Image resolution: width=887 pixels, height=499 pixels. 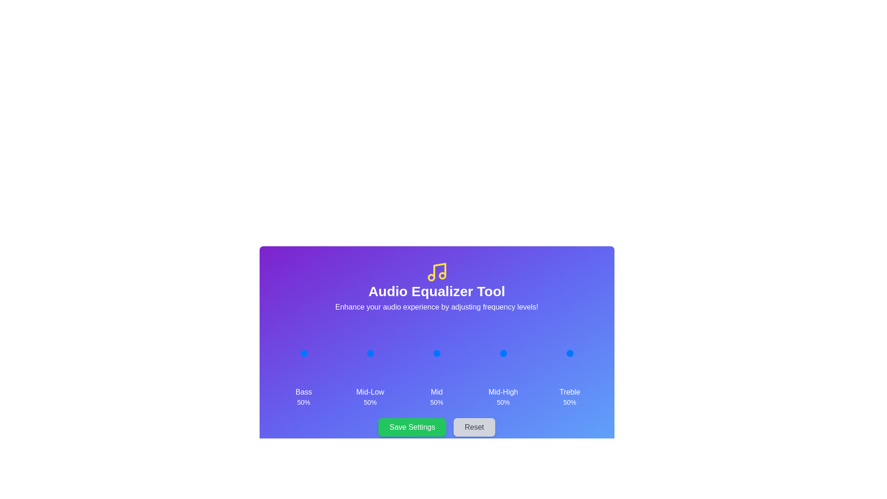 What do you see at coordinates (368, 353) in the screenshot?
I see `the 1 slider to 46%` at bounding box center [368, 353].